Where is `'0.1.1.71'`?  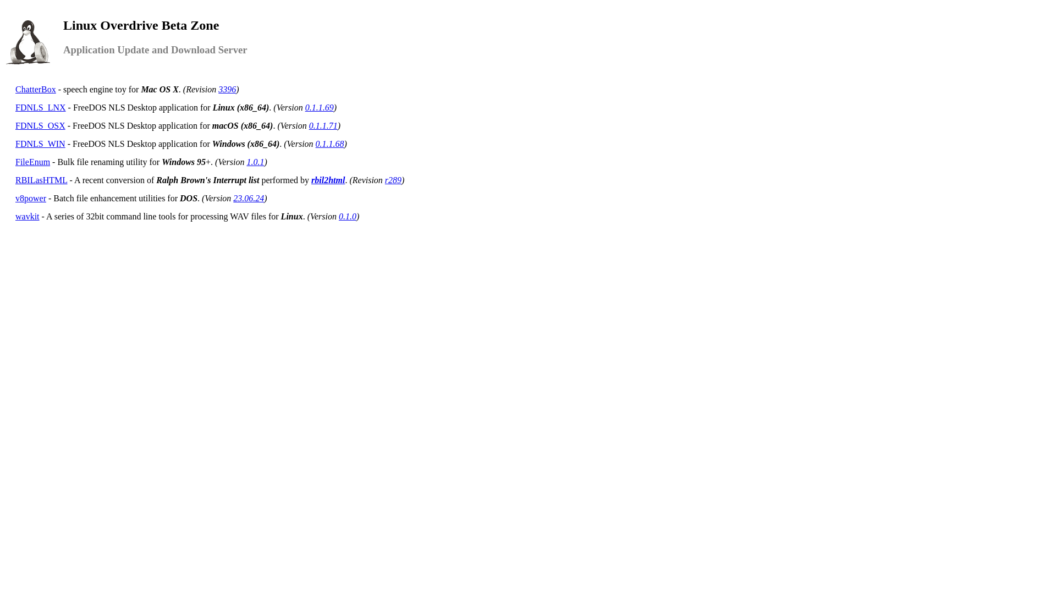 '0.1.1.71' is located at coordinates (323, 125).